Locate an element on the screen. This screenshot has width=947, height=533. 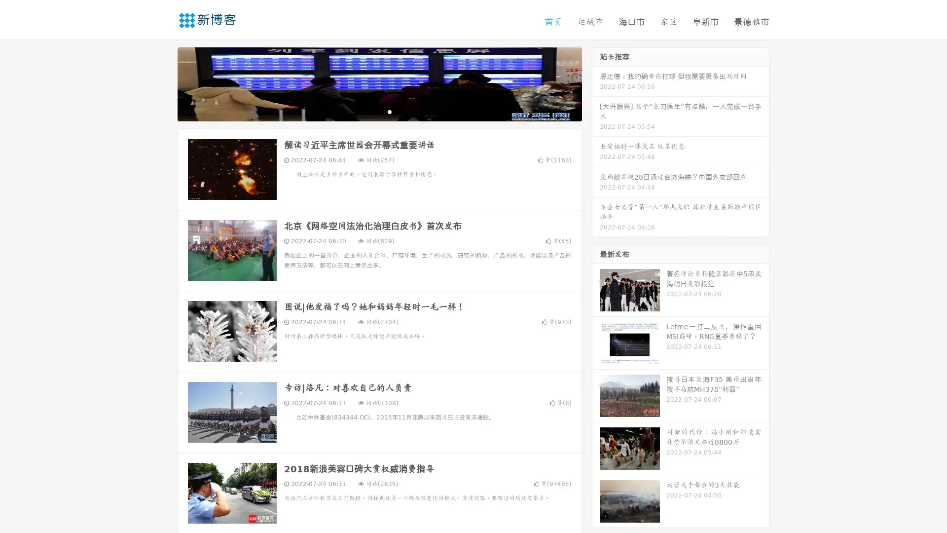
Go to slide 2 is located at coordinates (379, 111).